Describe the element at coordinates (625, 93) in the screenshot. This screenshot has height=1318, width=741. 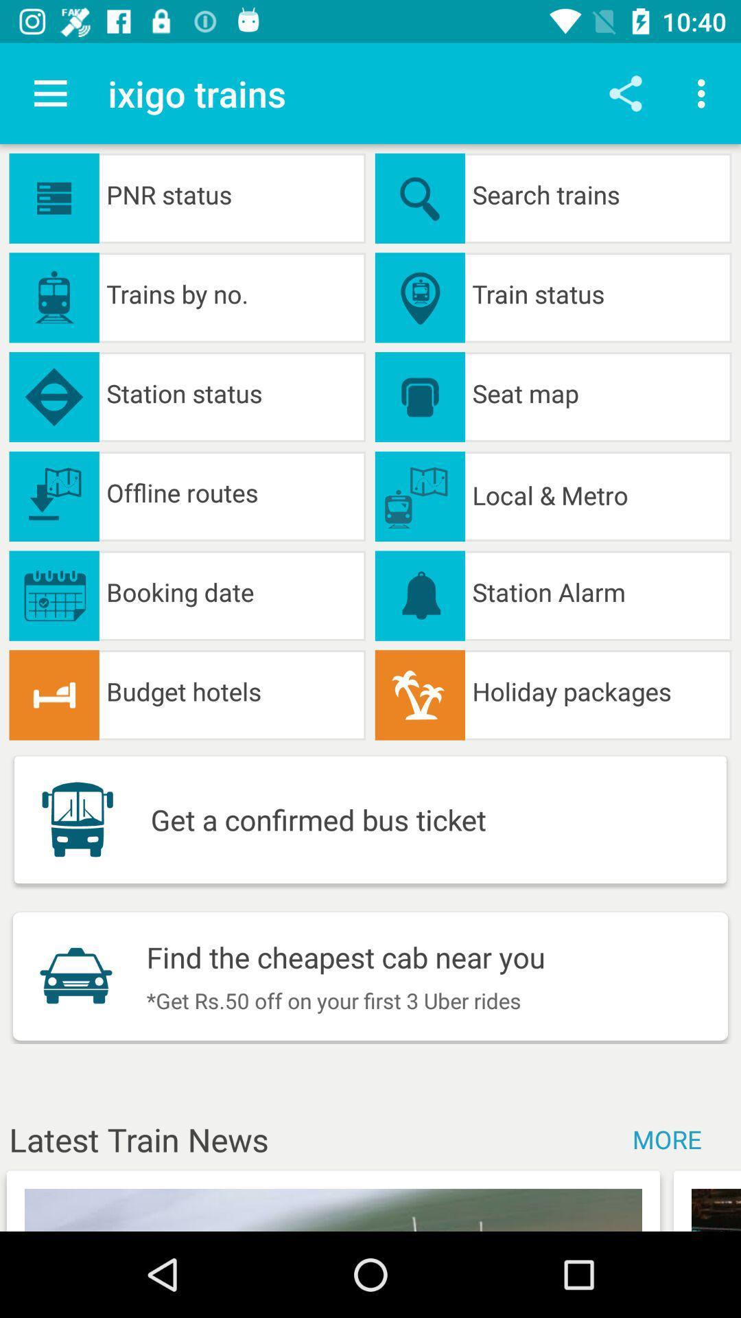
I see `icon next to ixigo trains app` at that location.